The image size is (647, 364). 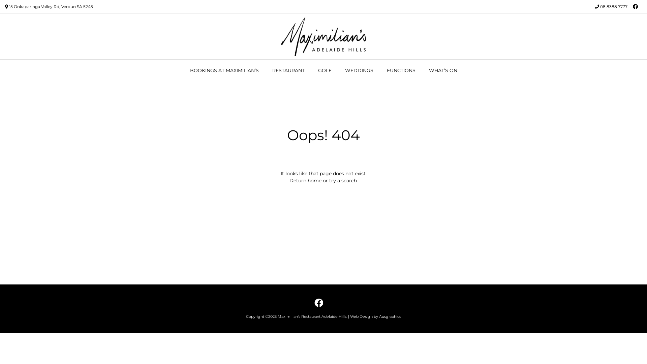 I want to click on 'Ausgraphics', so click(x=390, y=316).